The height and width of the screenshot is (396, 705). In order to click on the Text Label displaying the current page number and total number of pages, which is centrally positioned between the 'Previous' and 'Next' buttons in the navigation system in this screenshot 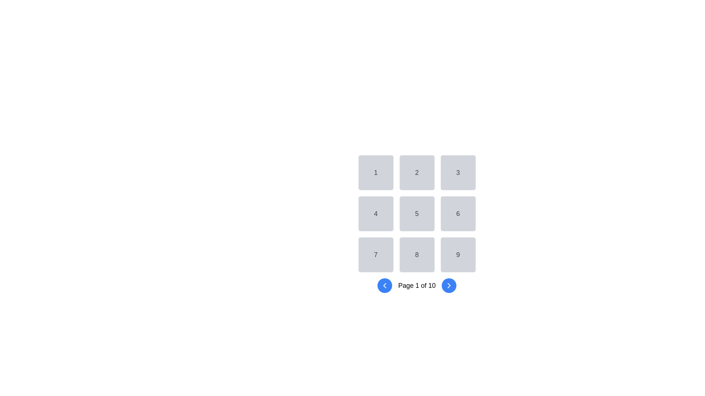, I will do `click(417, 285)`.